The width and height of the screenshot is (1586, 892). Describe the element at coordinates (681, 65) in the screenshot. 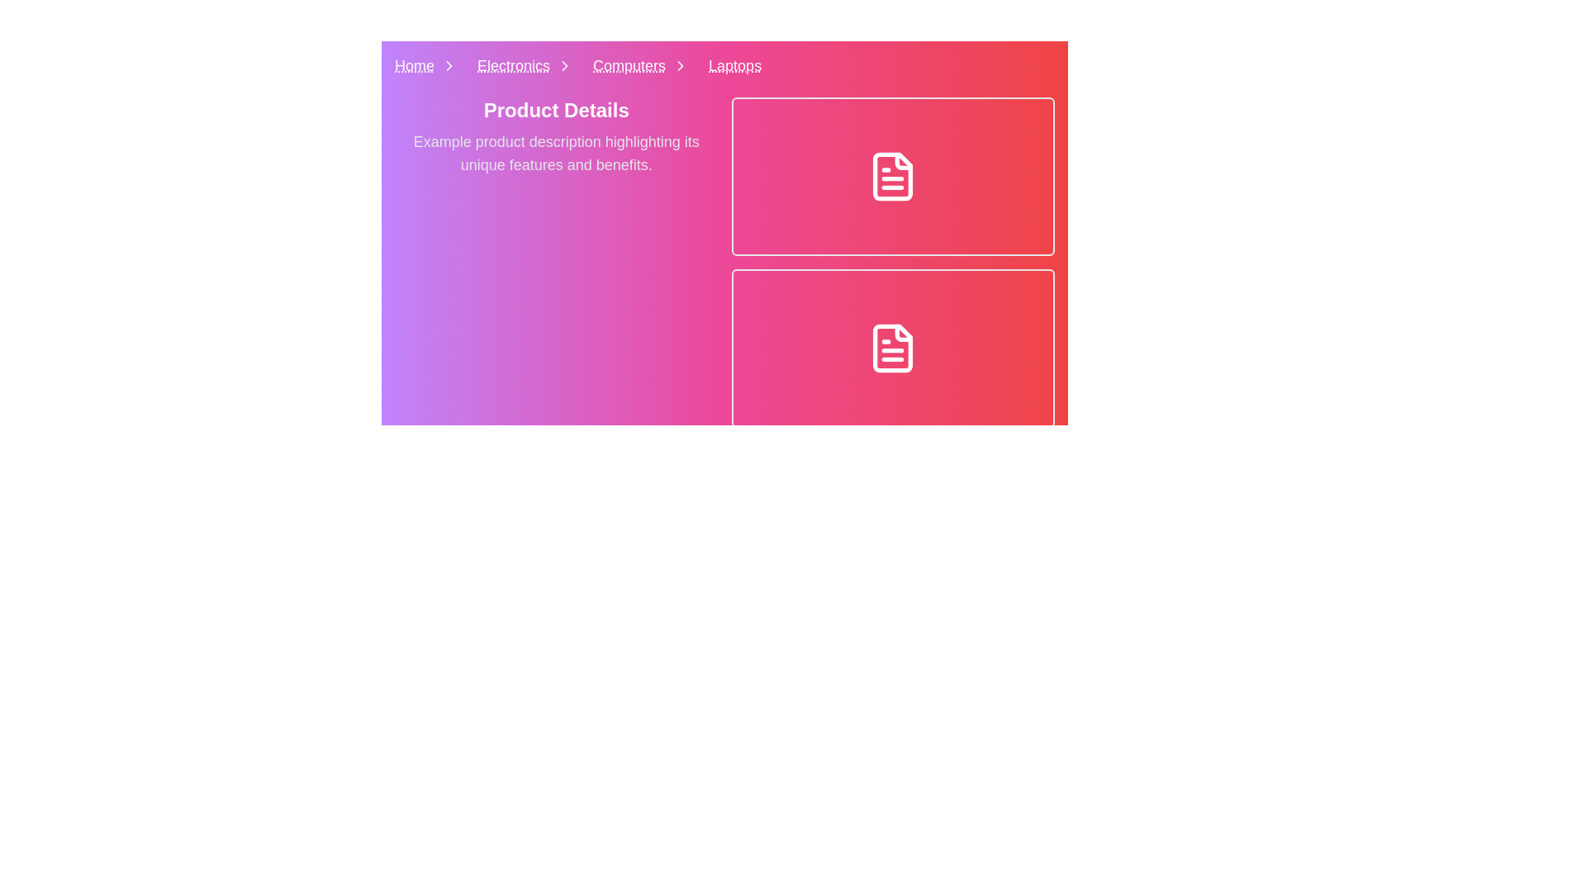

I see `the small right-chevron icon in the breadcrumb navigation that indicates navigation or expansion, located to the immediate right of the 'Computers' text element` at that location.